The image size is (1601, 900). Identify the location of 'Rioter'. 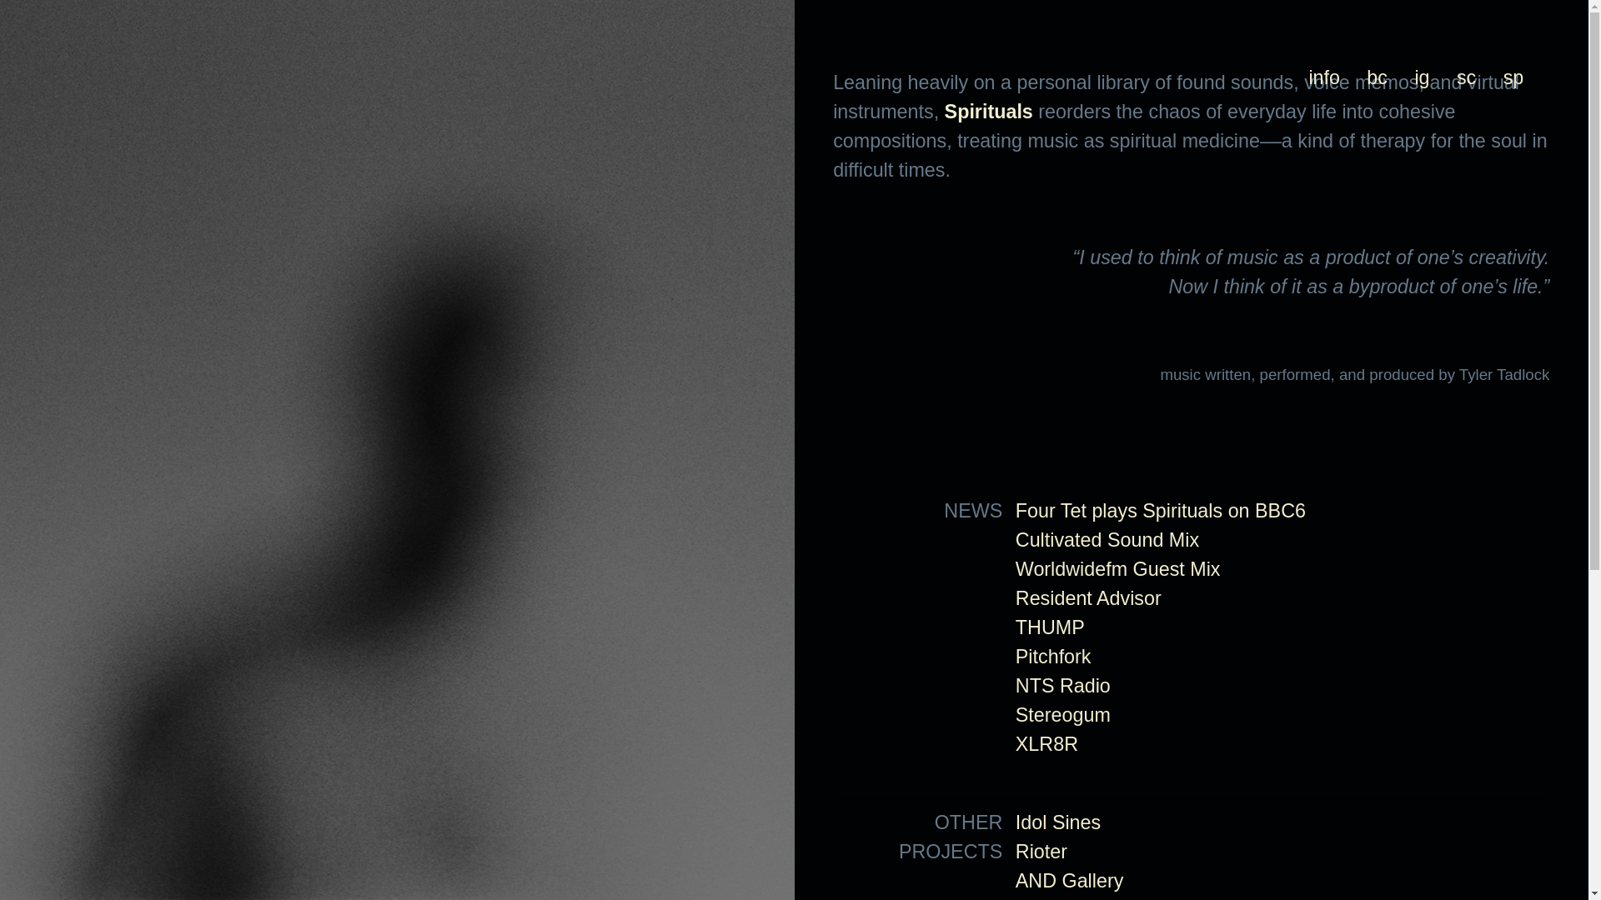
(1040, 852).